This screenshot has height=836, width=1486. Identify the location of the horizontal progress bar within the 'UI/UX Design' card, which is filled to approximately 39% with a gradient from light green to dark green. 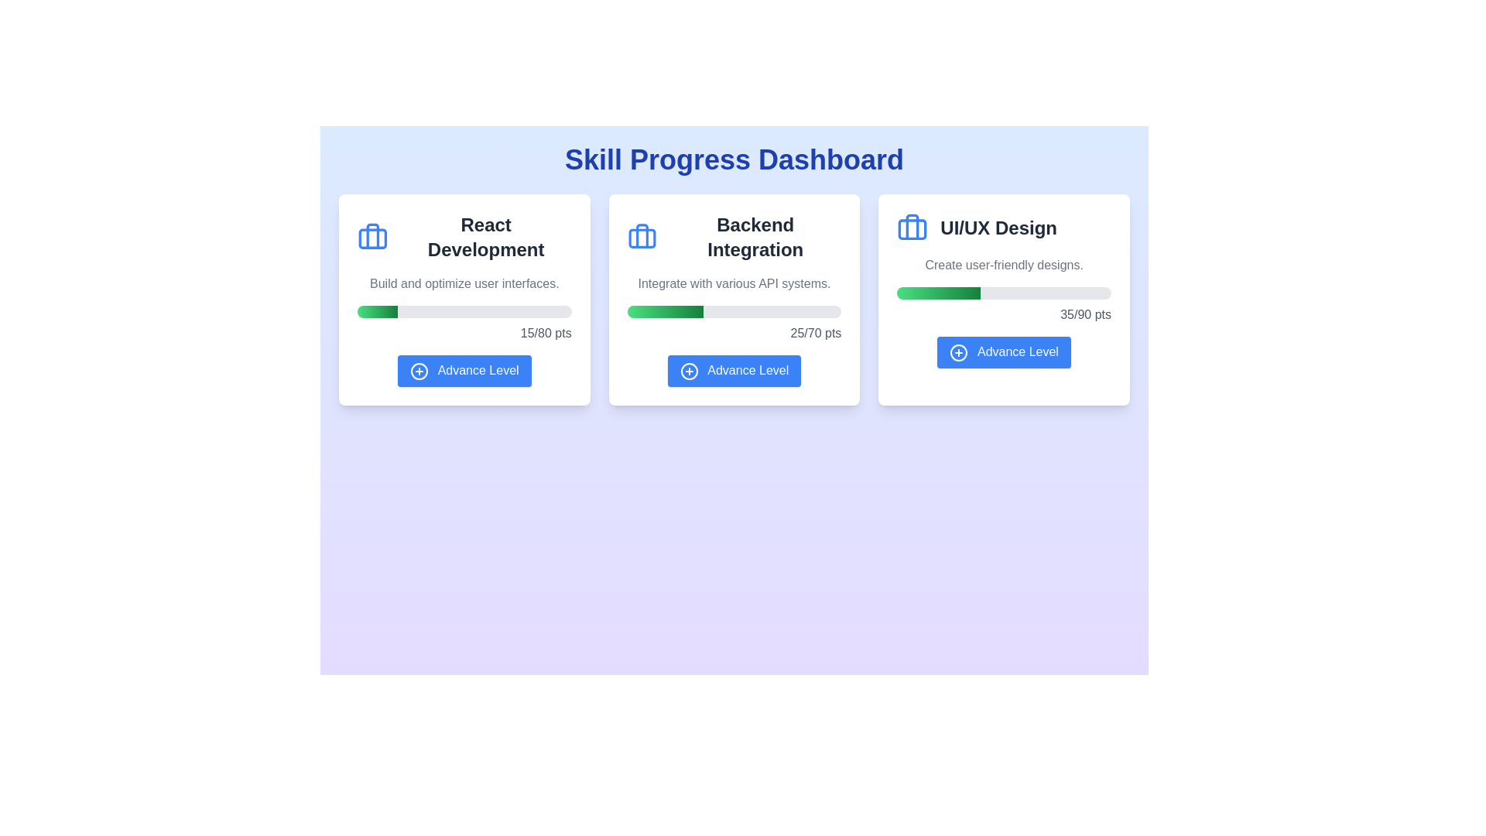
(1004, 293).